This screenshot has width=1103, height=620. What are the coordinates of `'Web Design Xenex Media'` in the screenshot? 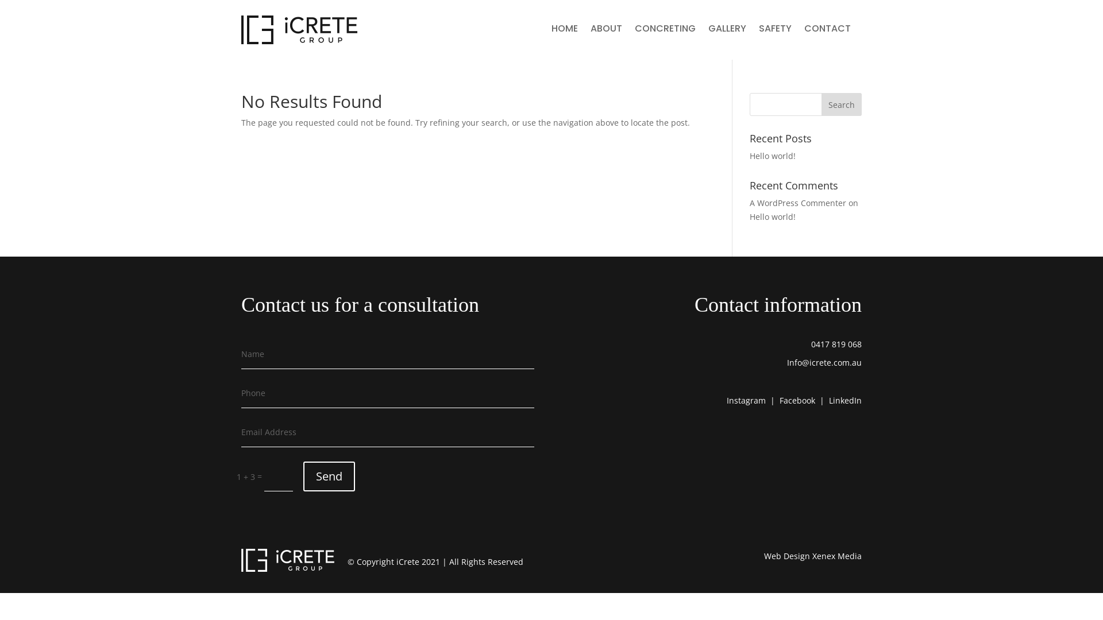 It's located at (812, 555).